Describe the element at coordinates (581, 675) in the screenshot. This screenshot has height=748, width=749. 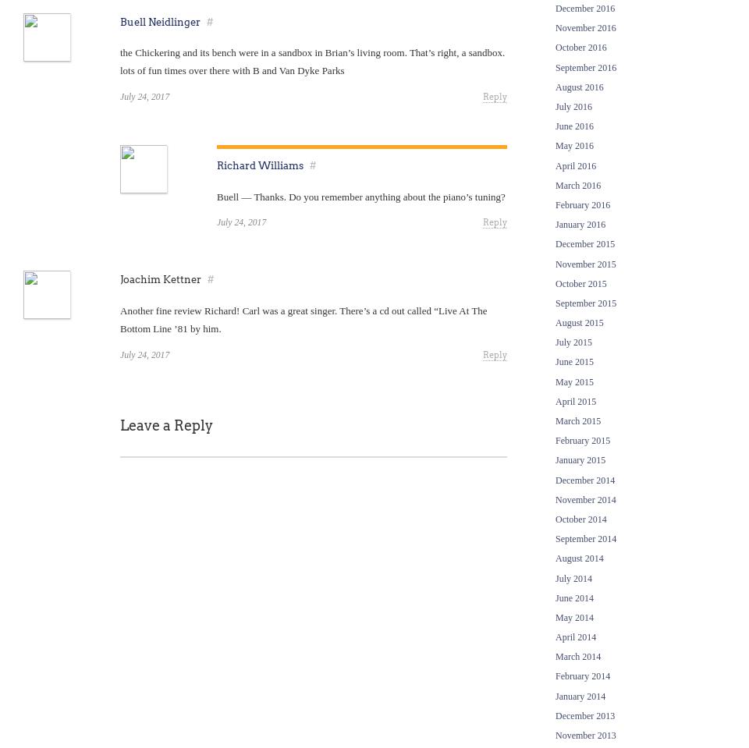
I see `'February 2014'` at that location.